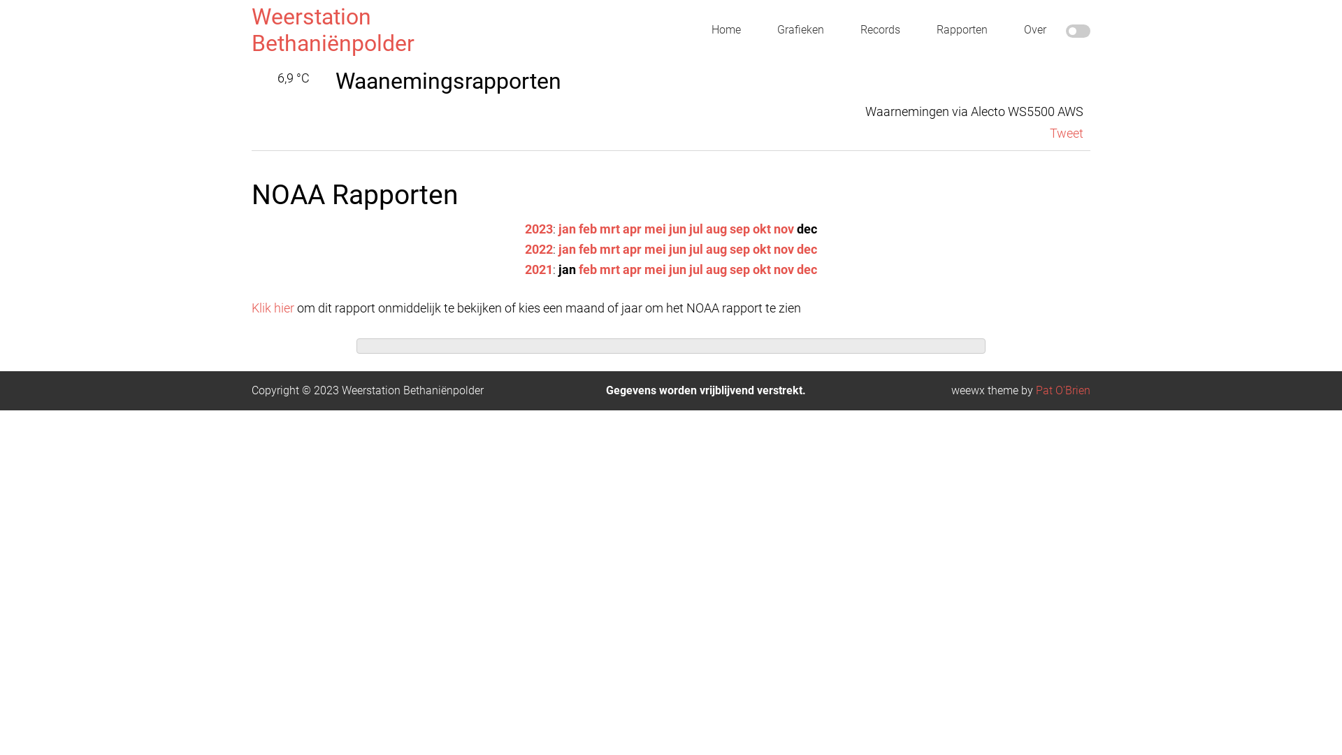 Image resolution: width=1342 pixels, height=755 pixels. What do you see at coordinates (654, 269) in the screenshot?
I see `'mei'` at bounding box center [654, 269].